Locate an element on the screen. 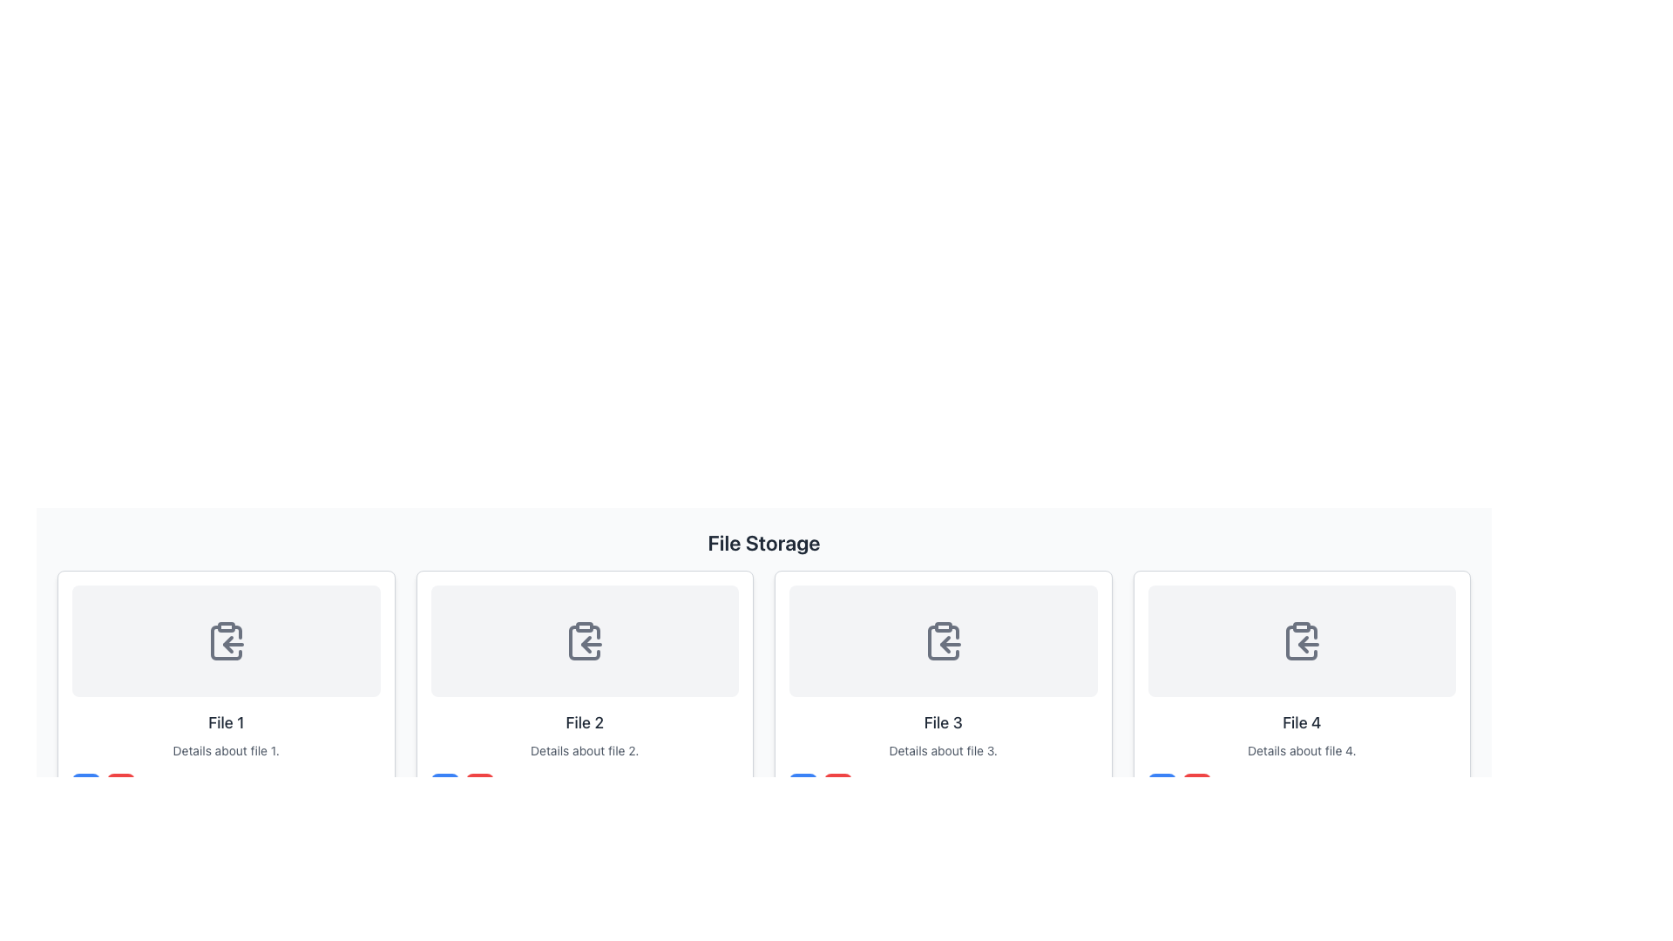 This screenshot has height=941, width=1673. the red rectangular button with a trash icon, which is the third action button under the 'File 3' section, to trigger the hover effect is located at coordinates (837, 787).